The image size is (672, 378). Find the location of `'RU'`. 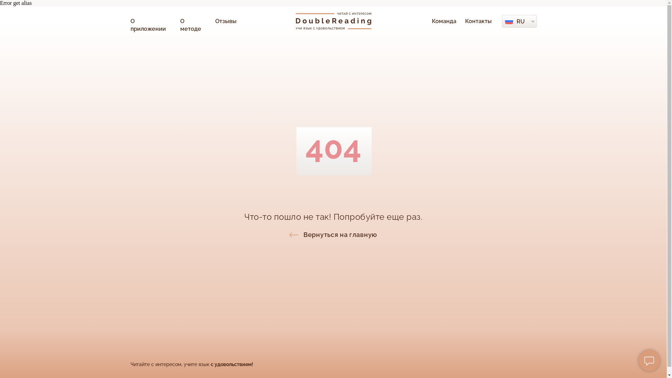

'RU' is located at coordinates (520, 21).